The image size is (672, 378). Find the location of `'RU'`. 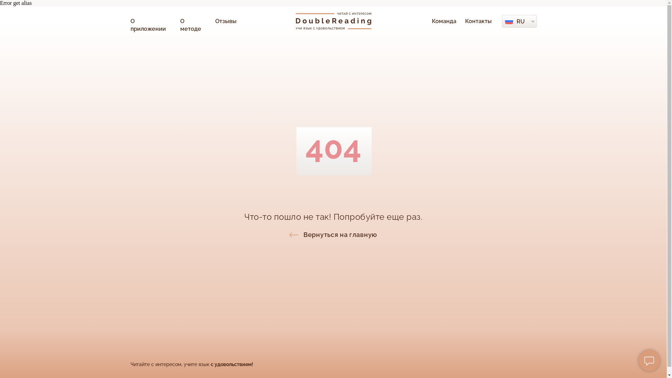

'RU' is located at coordinates (520, 21).